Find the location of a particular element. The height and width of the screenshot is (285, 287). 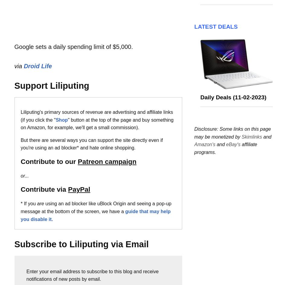

'affiliate programs.' is located at coordinates (225, 148).